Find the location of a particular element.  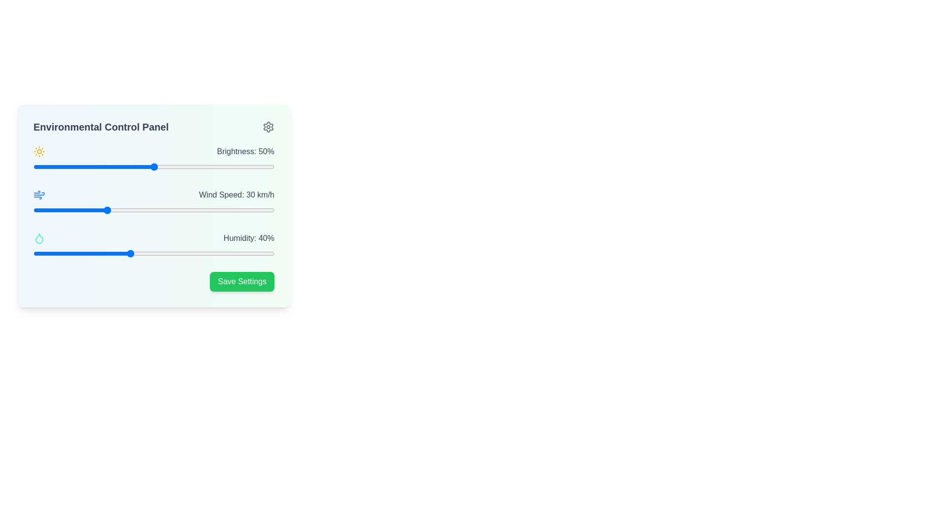

the knob of the horizontal slider control labeled 'Humidity: 40%' is located at coordinates (153, 246).